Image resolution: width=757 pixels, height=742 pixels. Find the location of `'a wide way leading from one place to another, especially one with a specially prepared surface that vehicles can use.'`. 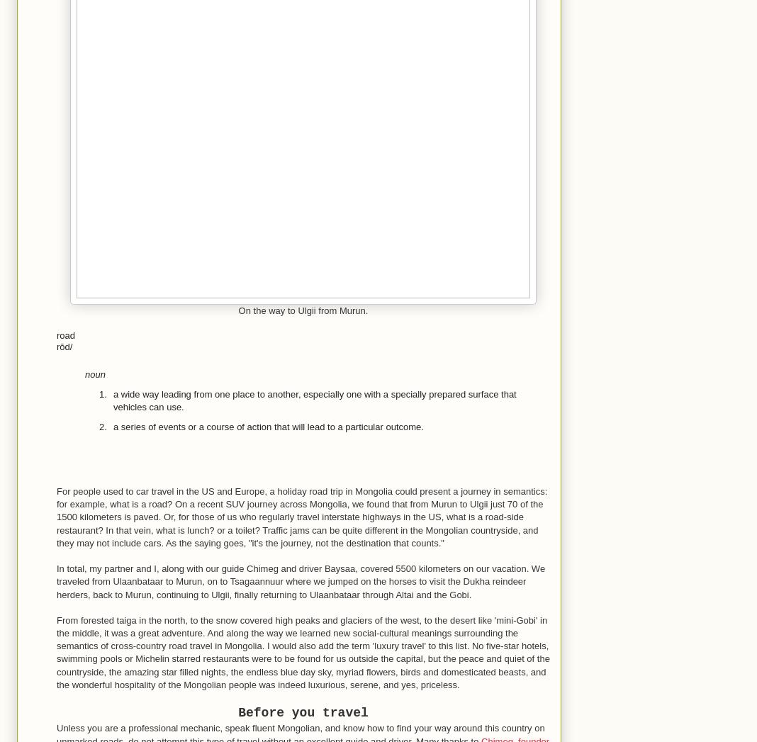

'a wide way leading from one place to another, especially one with a specially prepared surface that vehicles can use.' is located at coordinates (113, 400).